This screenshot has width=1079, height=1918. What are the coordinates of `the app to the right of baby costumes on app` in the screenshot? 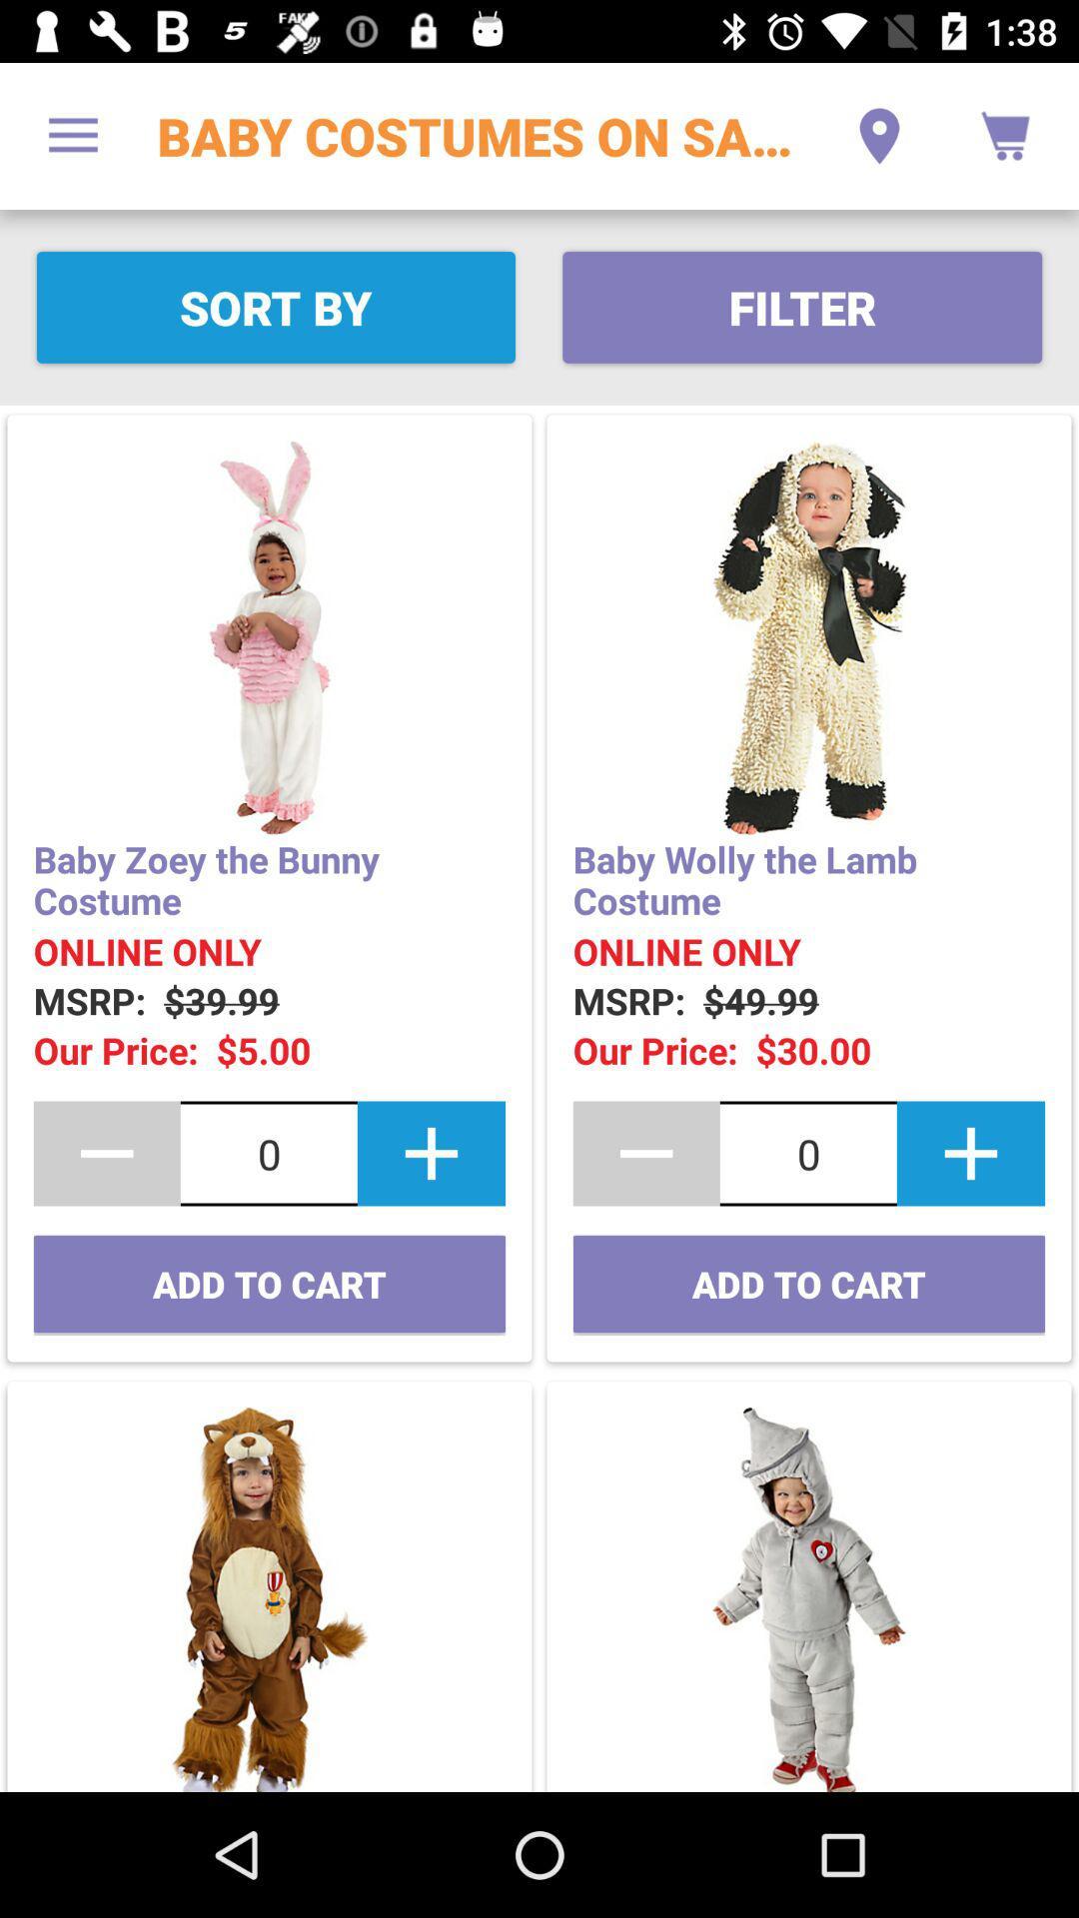 It's located at (878, 135).